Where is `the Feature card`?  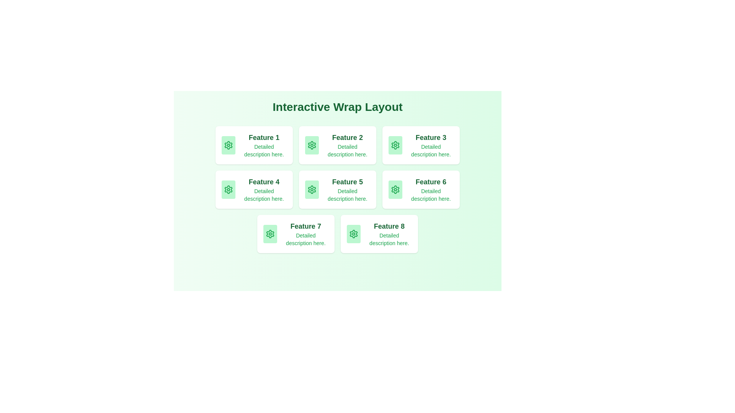 the Feature card is located at coordinates (420, 145).